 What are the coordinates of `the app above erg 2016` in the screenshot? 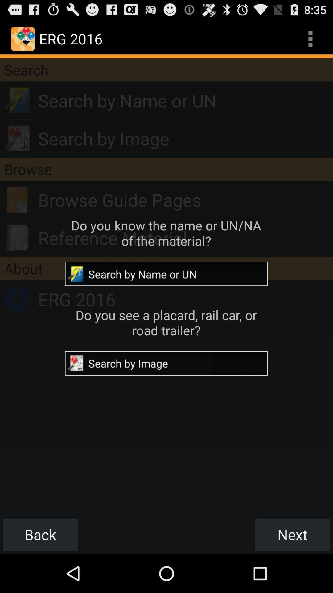 It's located at (166, 268).